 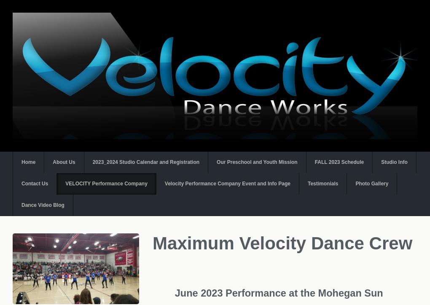 What do you see at coordinates (106, 183) in the screenshot?
I see `'VELOCITY Performance Company'` at bounding box center [106, 183].